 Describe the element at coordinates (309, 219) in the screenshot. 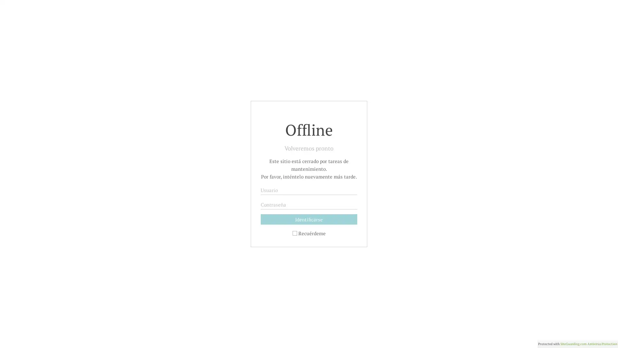

I see `Identificarse` at that location.